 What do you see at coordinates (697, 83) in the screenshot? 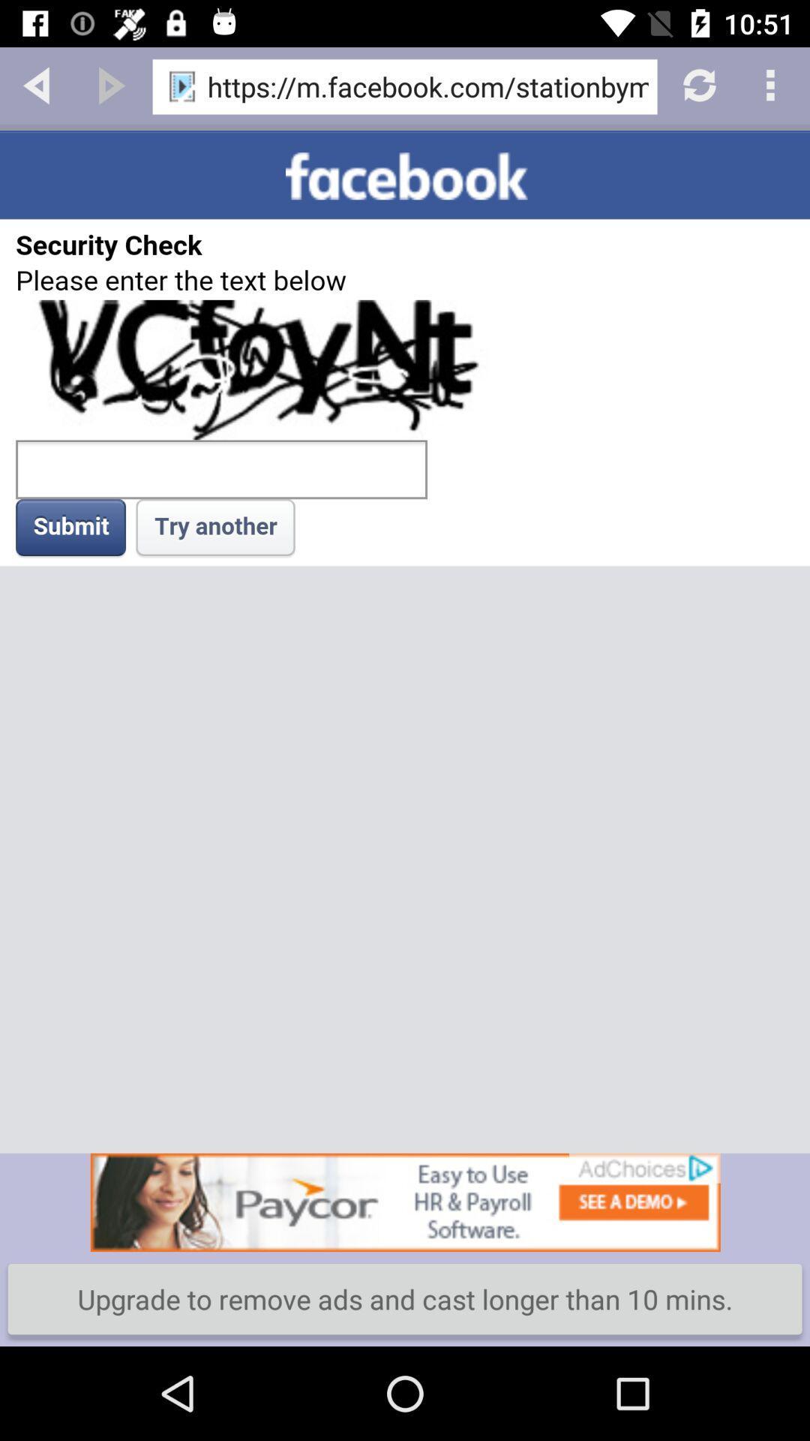
I see `refresh page` at bounding box center [697, 83].